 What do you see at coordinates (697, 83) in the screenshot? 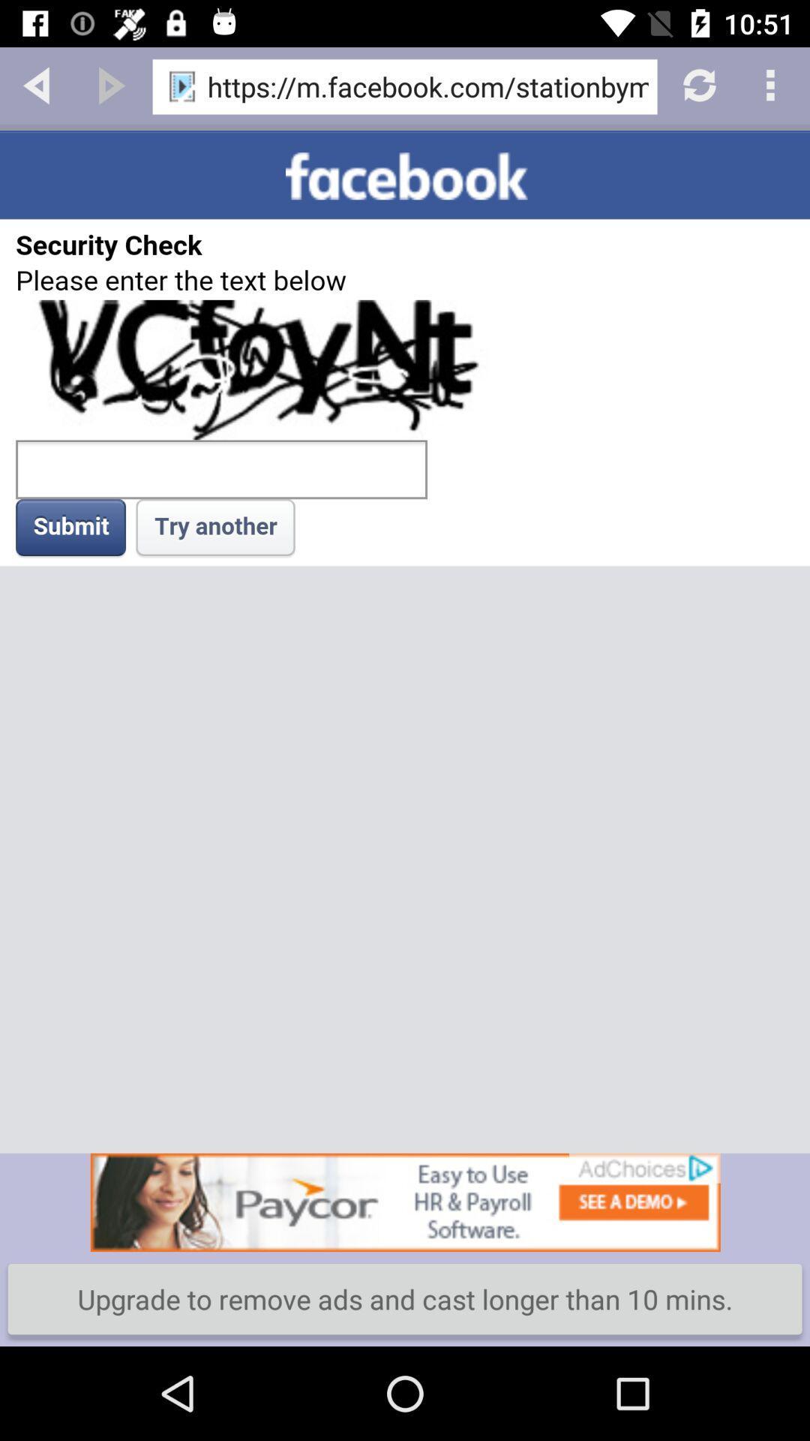
I see `refresh page` at bounding box center [697, 83].